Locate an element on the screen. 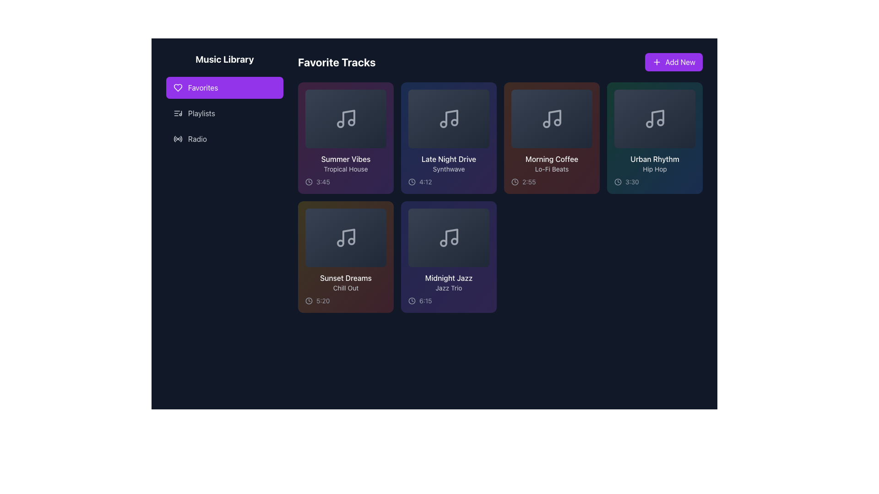 This screenshot has height=494, width=879. the small circular play button located in the top-right corner of the 'Midnight Jazz' card to play the track is located at coordinates (483, 214).